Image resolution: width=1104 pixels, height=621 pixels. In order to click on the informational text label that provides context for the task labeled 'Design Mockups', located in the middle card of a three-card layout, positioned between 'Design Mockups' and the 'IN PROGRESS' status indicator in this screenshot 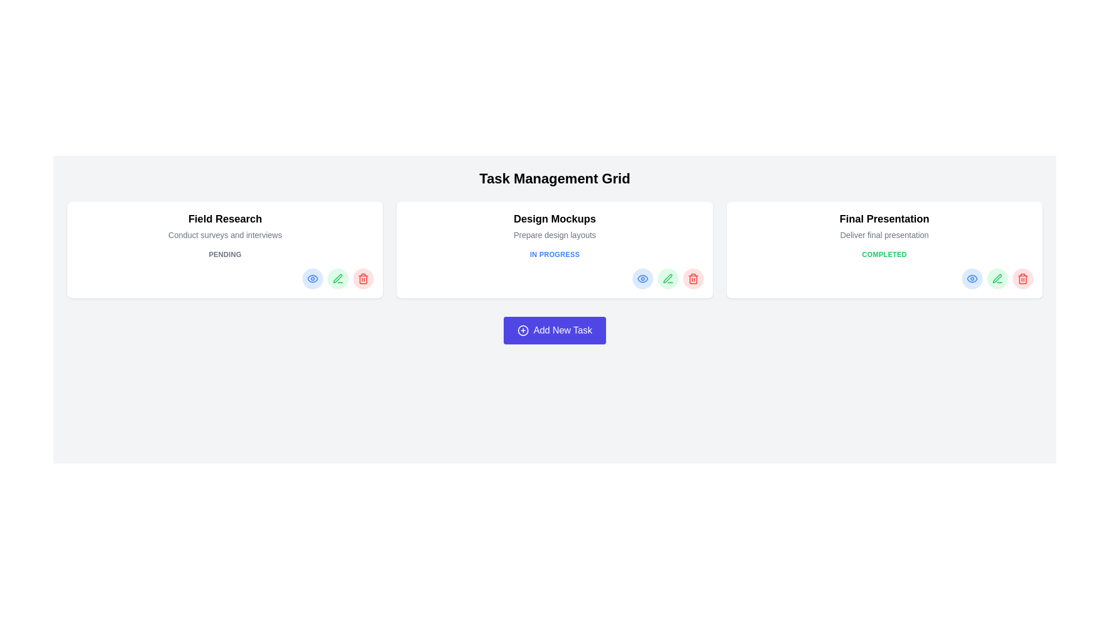, I will do `click(554, 234)`.